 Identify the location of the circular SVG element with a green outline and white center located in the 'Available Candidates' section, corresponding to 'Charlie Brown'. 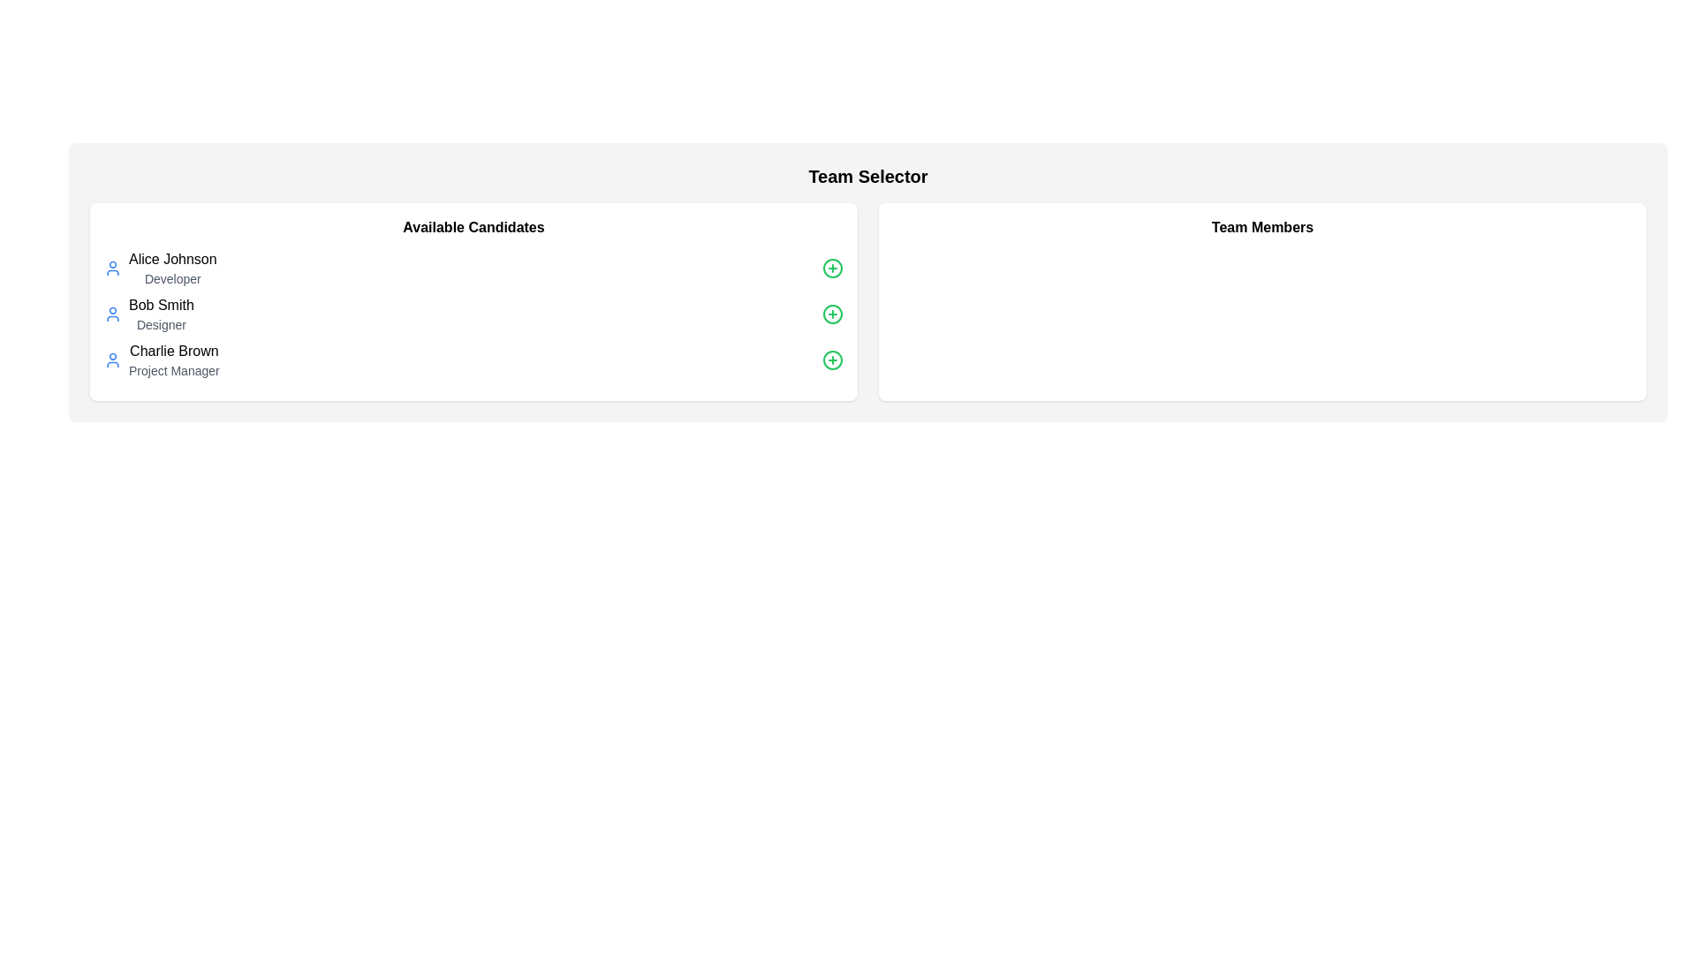
(831, 360).